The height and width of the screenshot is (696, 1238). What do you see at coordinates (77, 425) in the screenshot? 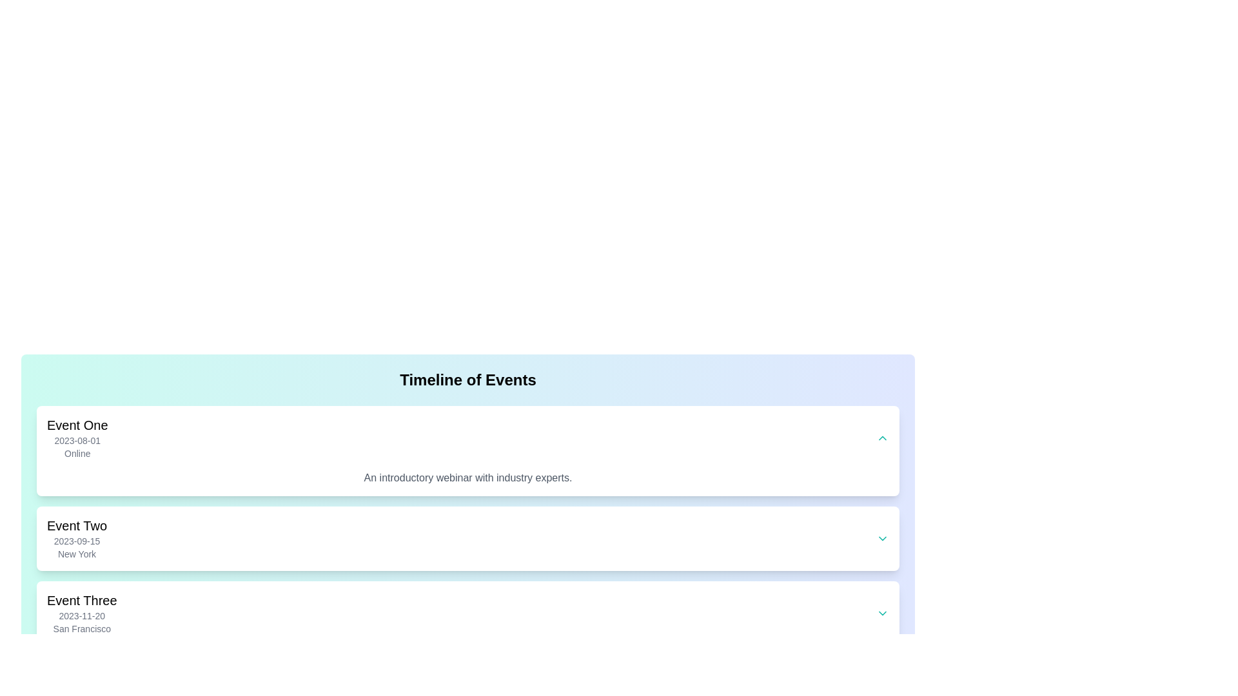
I see `the title text label of the first event entry, which identifies the event and is located at the top-left corner of the entry` at bounding box center [77, 425].